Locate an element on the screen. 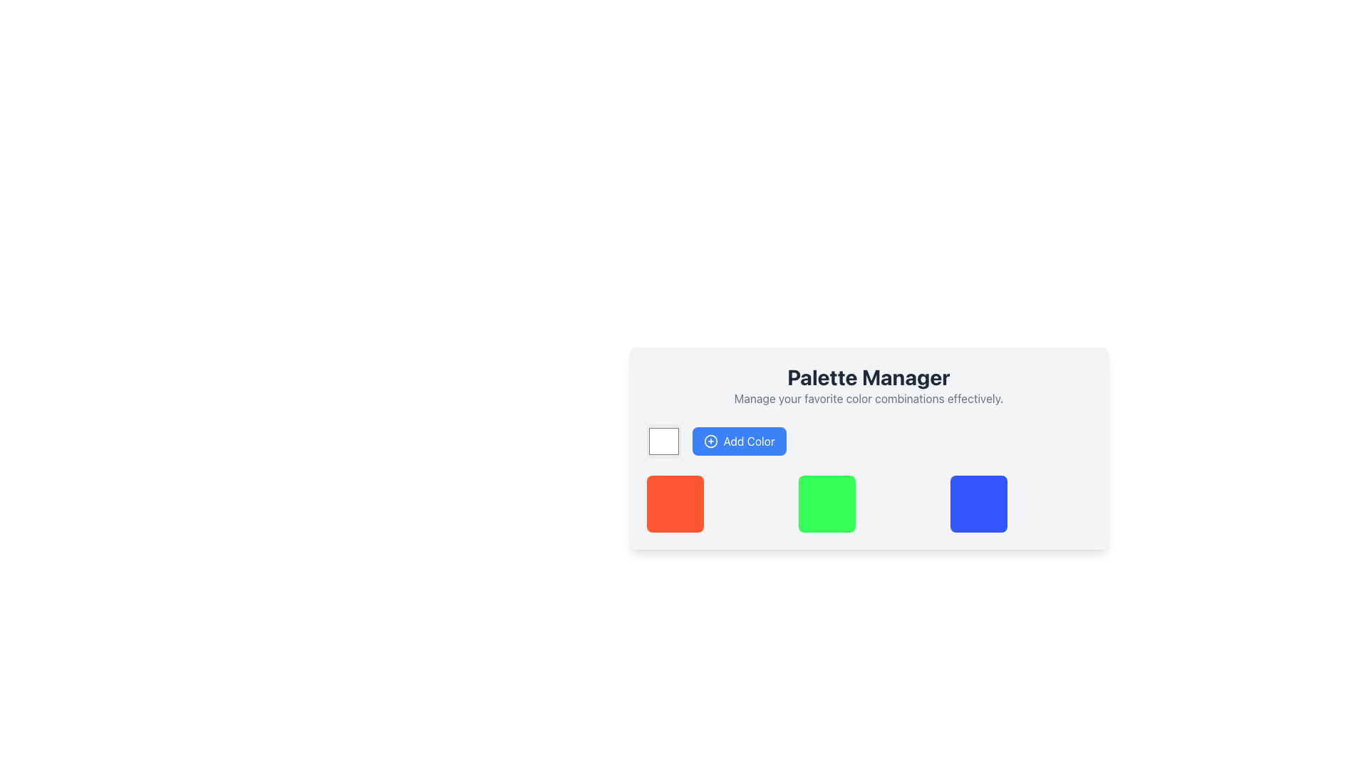 The image size is (1368, 769). the circular shape of the blue 'Add Color' button, which is part of a glyph that includes a plus sign and is positioned in the top-left area of the button is located at coordinates (710, 441).